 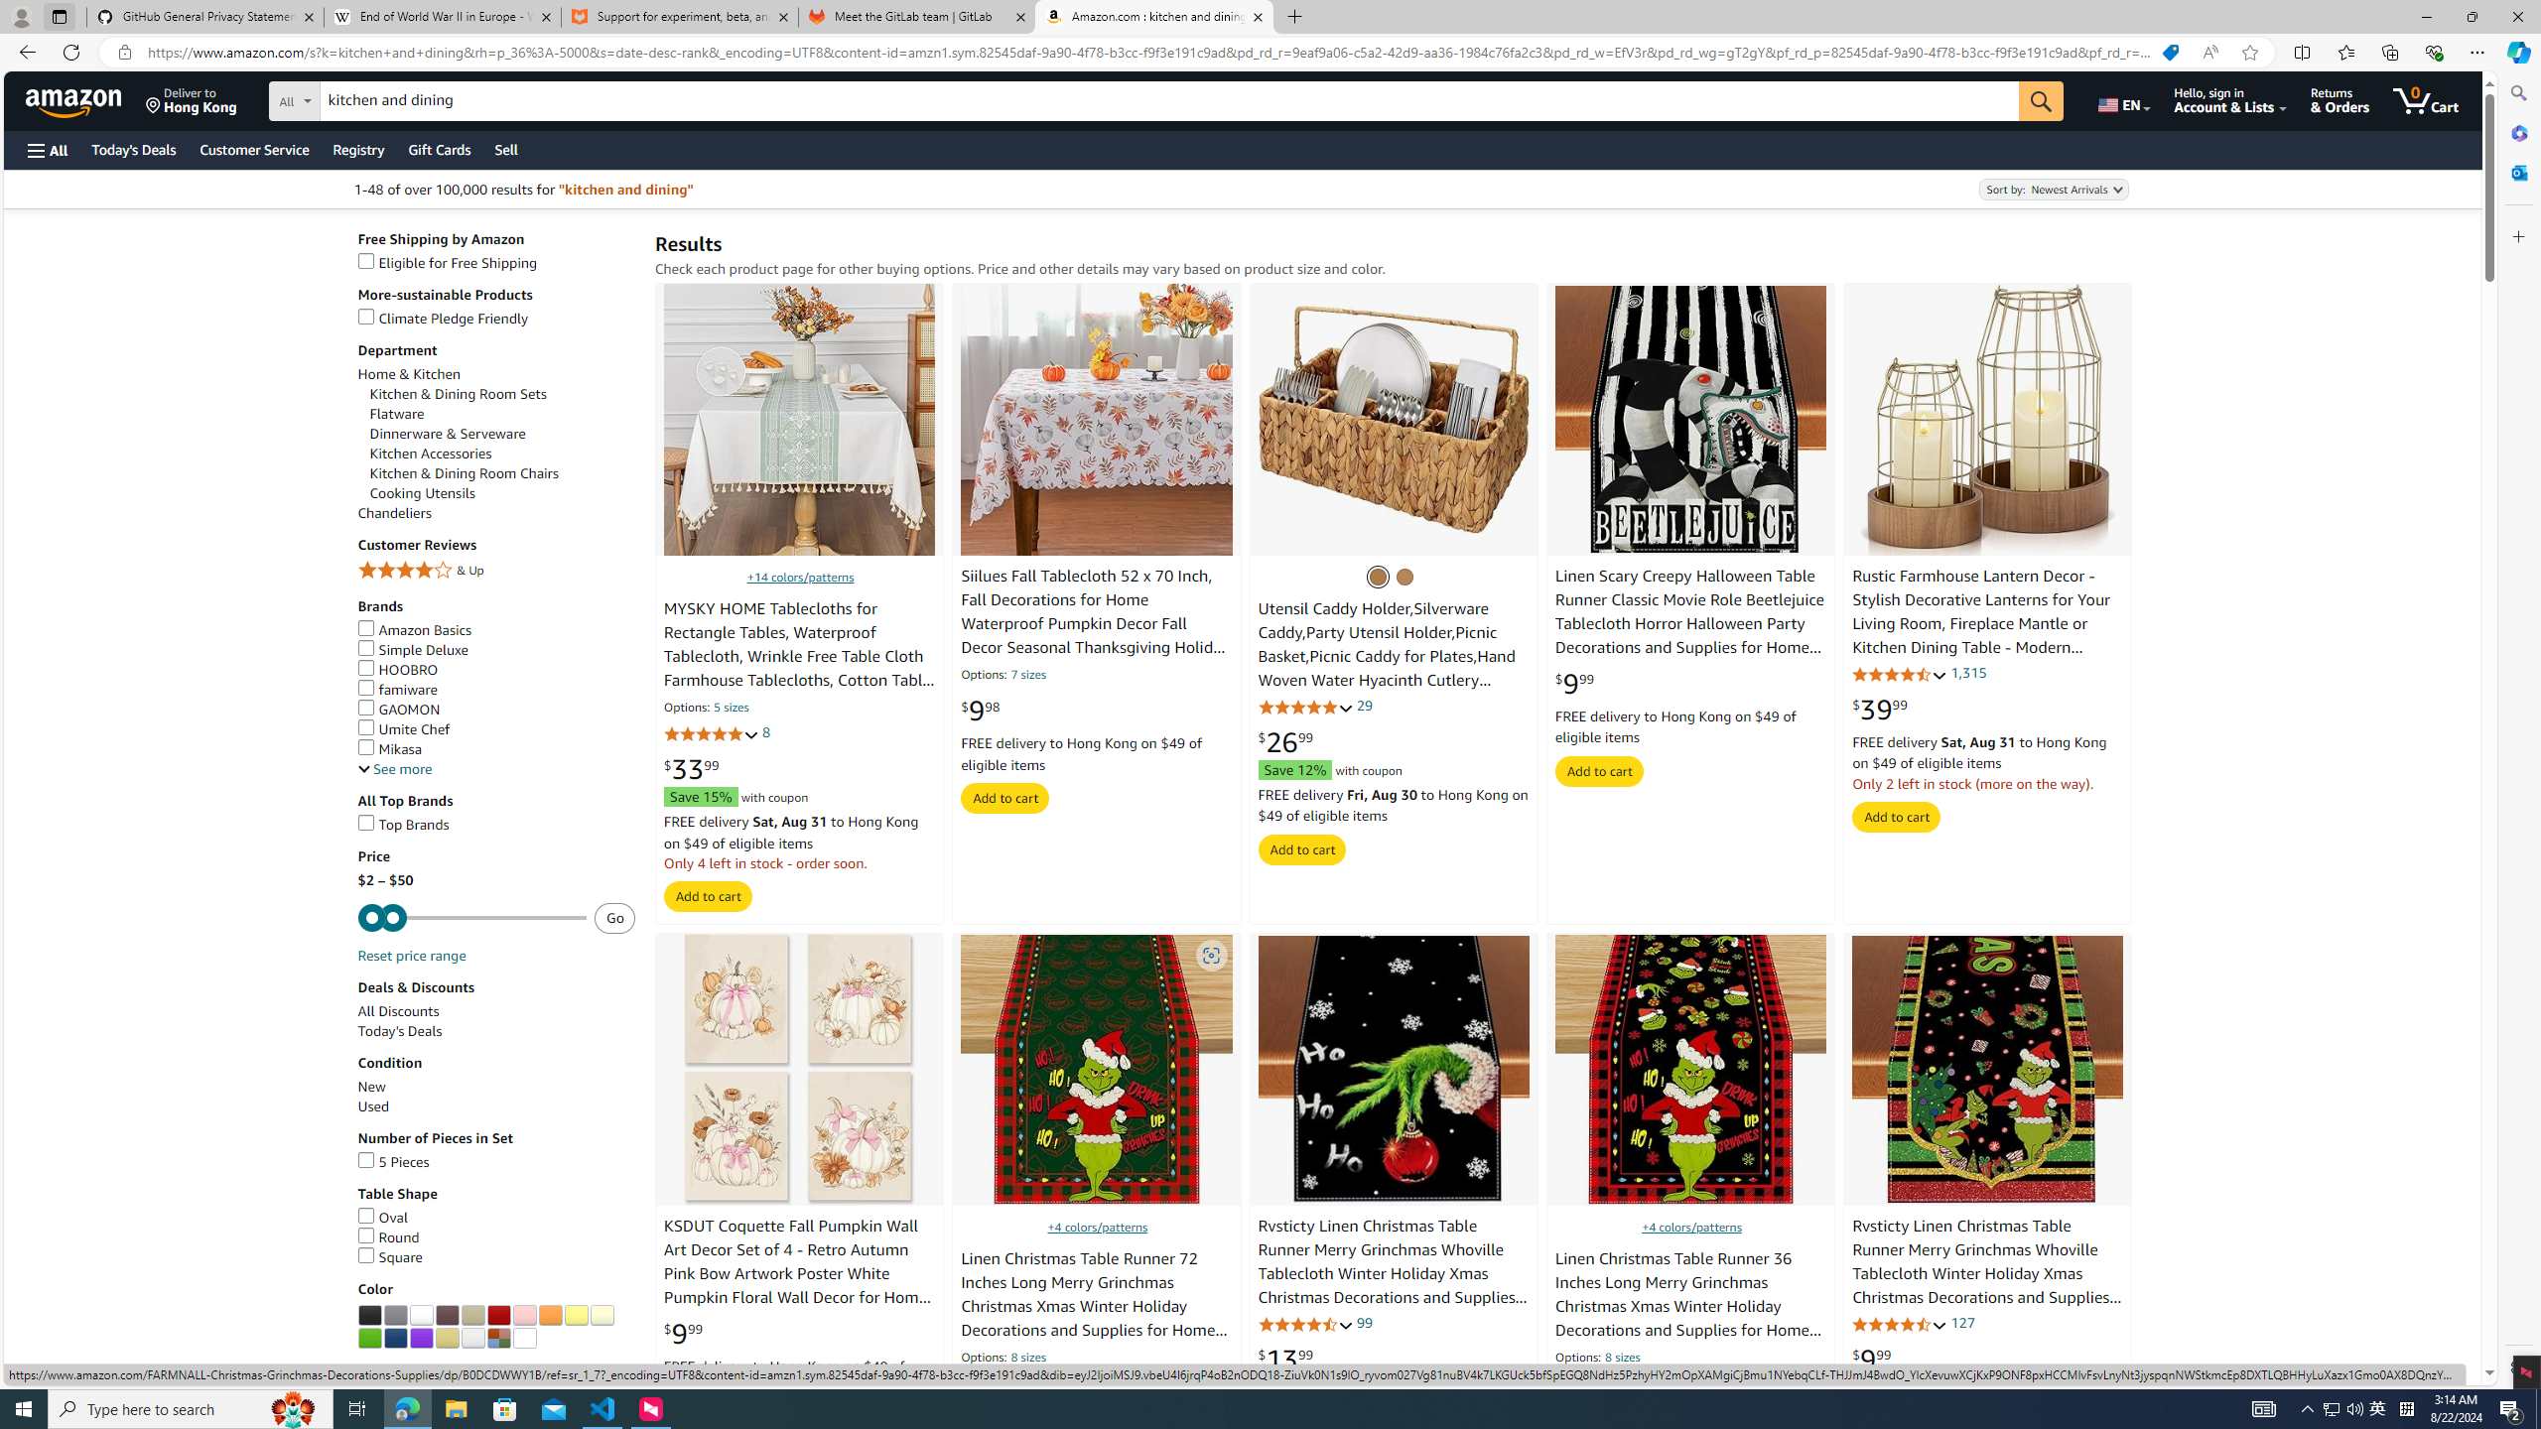 What do you see at coordinates (448, 262) in the screenshot?
I see `'Eligible for Free Shipping'` at bounding box center [448, 262].